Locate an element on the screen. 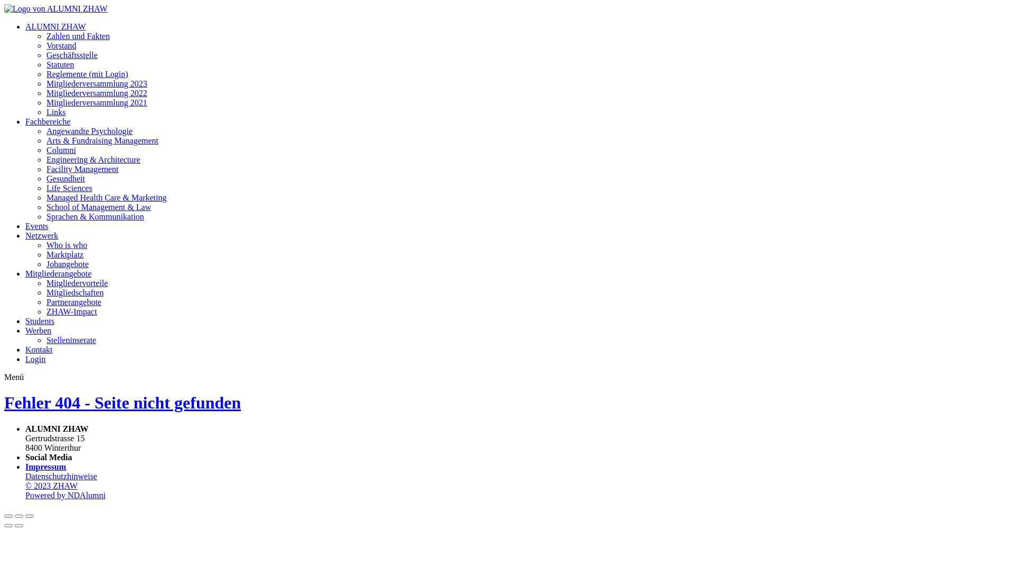 The height and width of the screenshot is (570, 1014). 'Powered by NDAlumni' is located at coordinates (65, 495).